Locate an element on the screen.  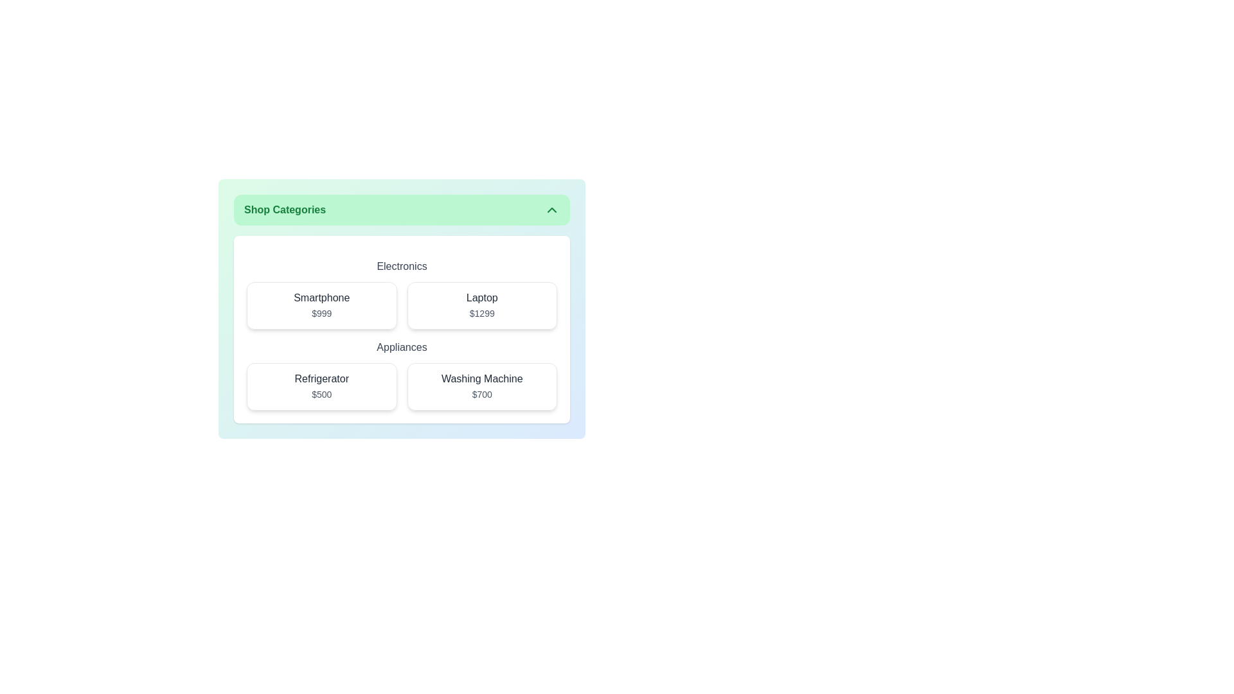
the 'Washing Machine' text label, which is part of a card-style UI component in the Appliances section is located at coordinates (481, 378).